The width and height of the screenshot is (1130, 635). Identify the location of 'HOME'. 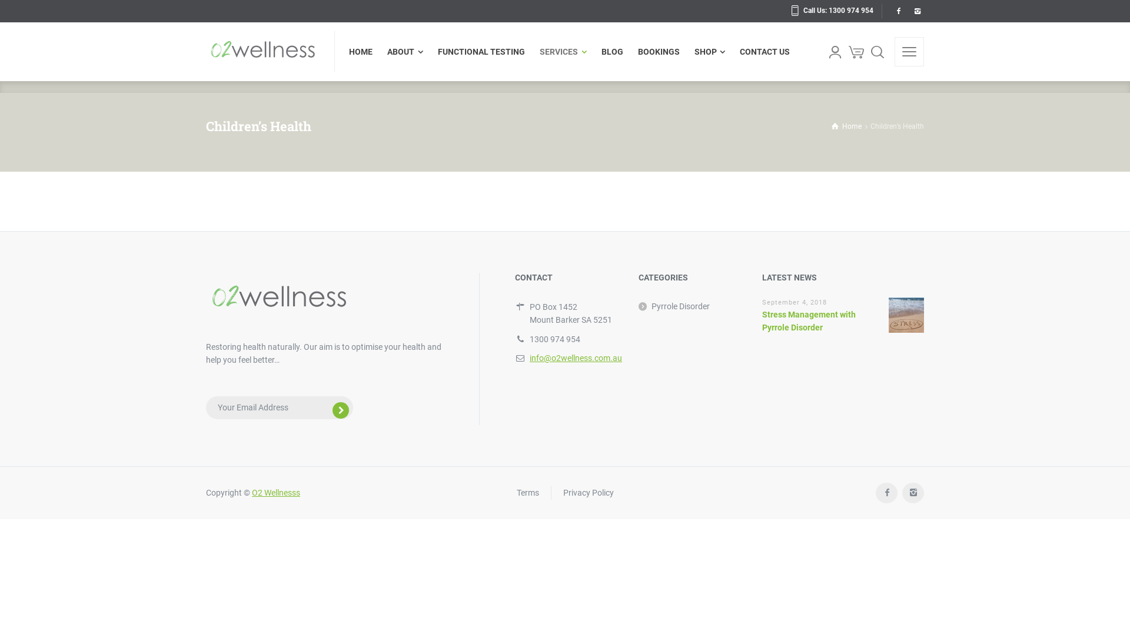
(364, 51).